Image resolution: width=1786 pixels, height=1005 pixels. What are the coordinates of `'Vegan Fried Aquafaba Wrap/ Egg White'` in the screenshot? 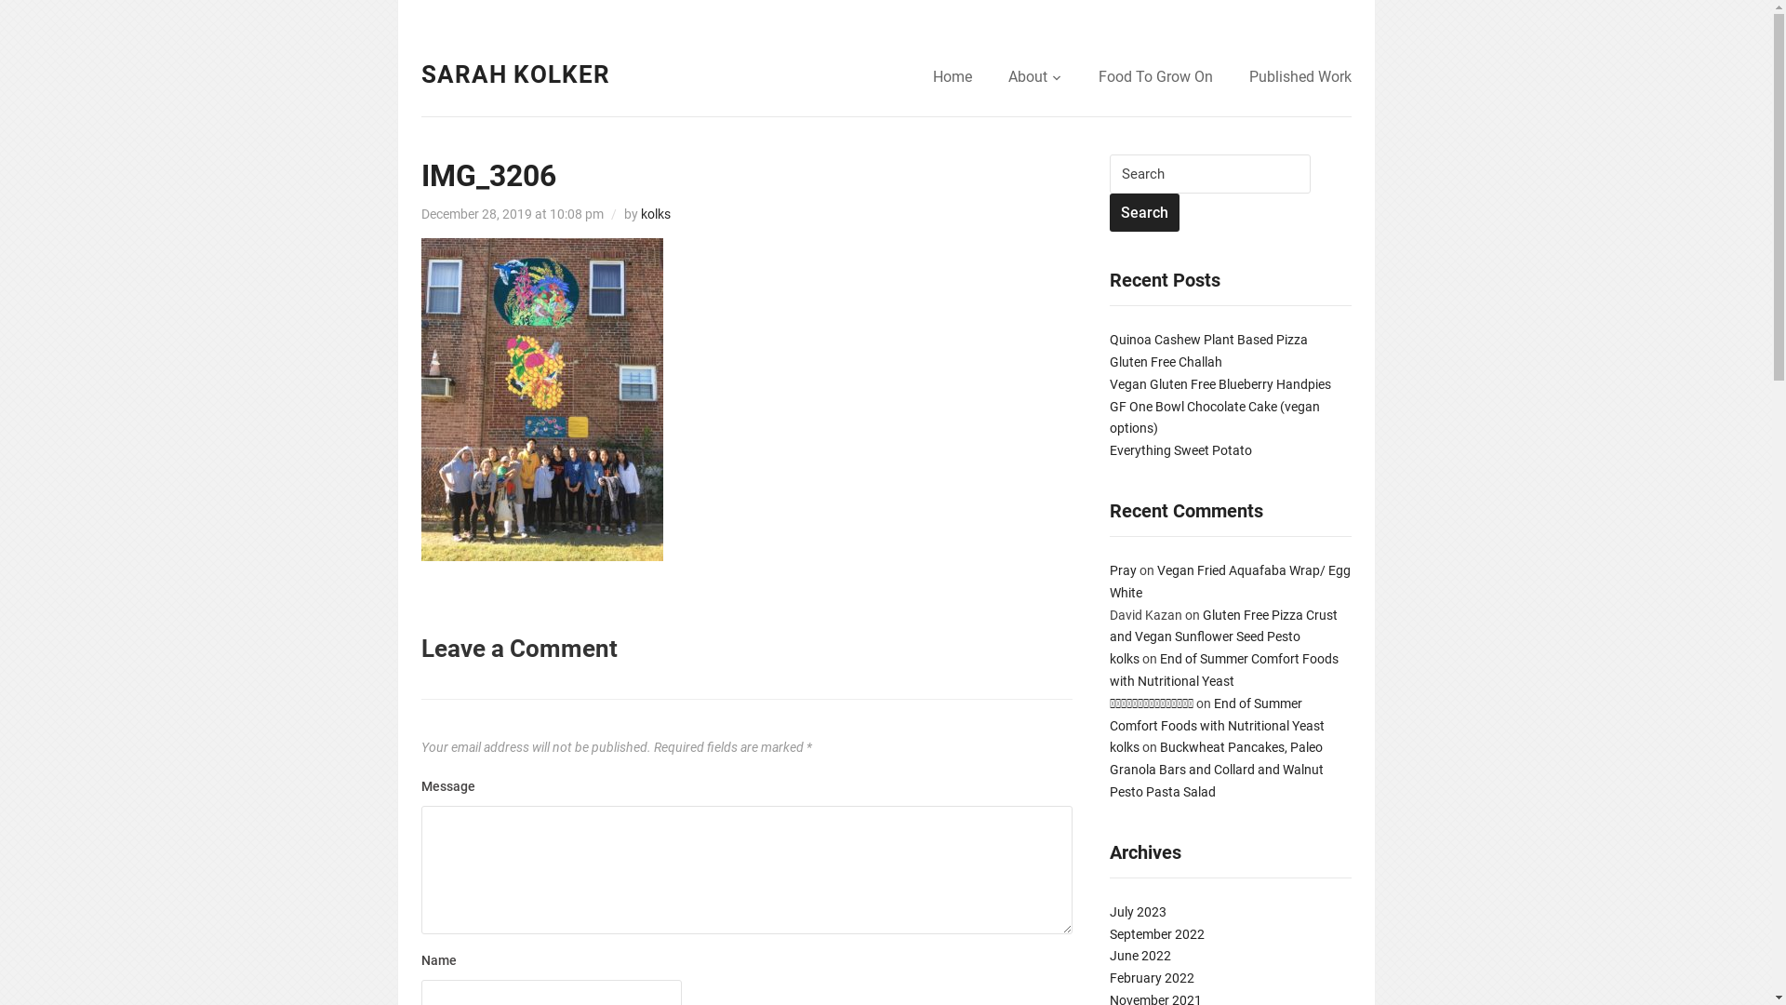 It's located at (1229, 580).